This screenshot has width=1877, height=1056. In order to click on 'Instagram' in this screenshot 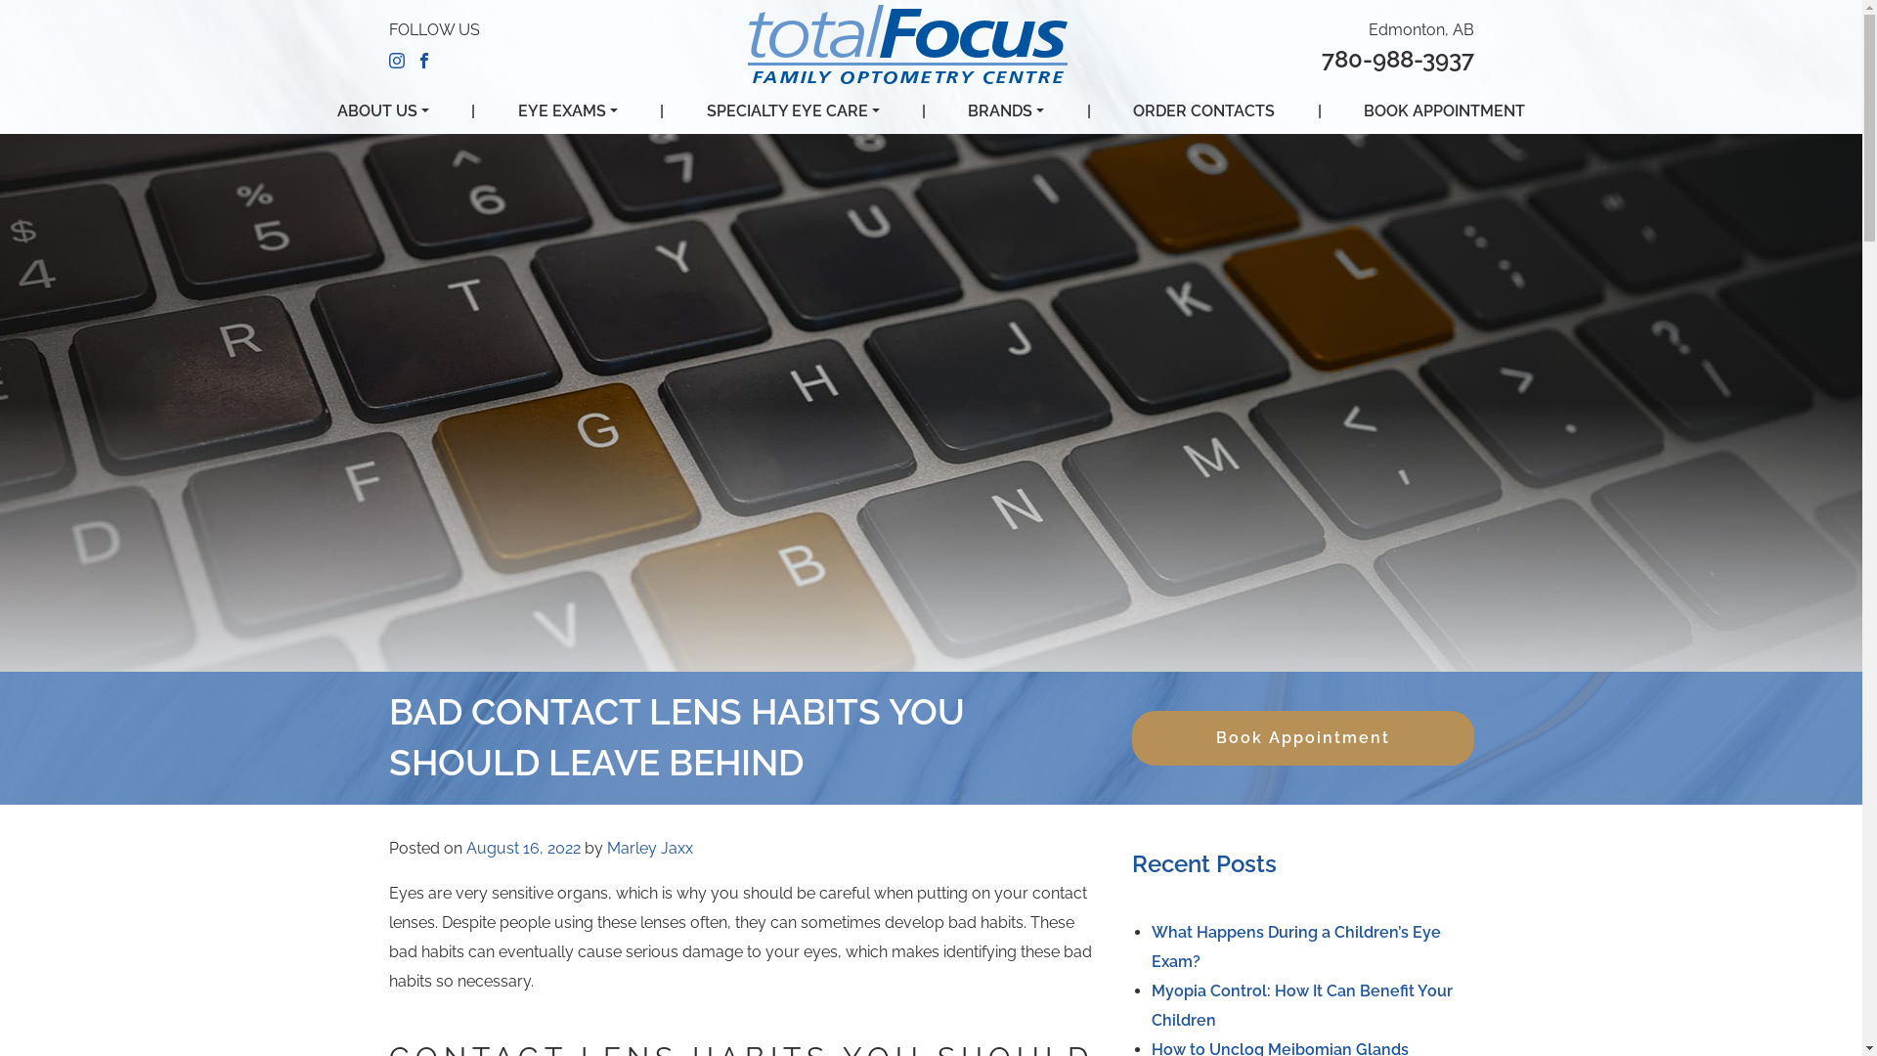, I will do `click(396, 58)`.